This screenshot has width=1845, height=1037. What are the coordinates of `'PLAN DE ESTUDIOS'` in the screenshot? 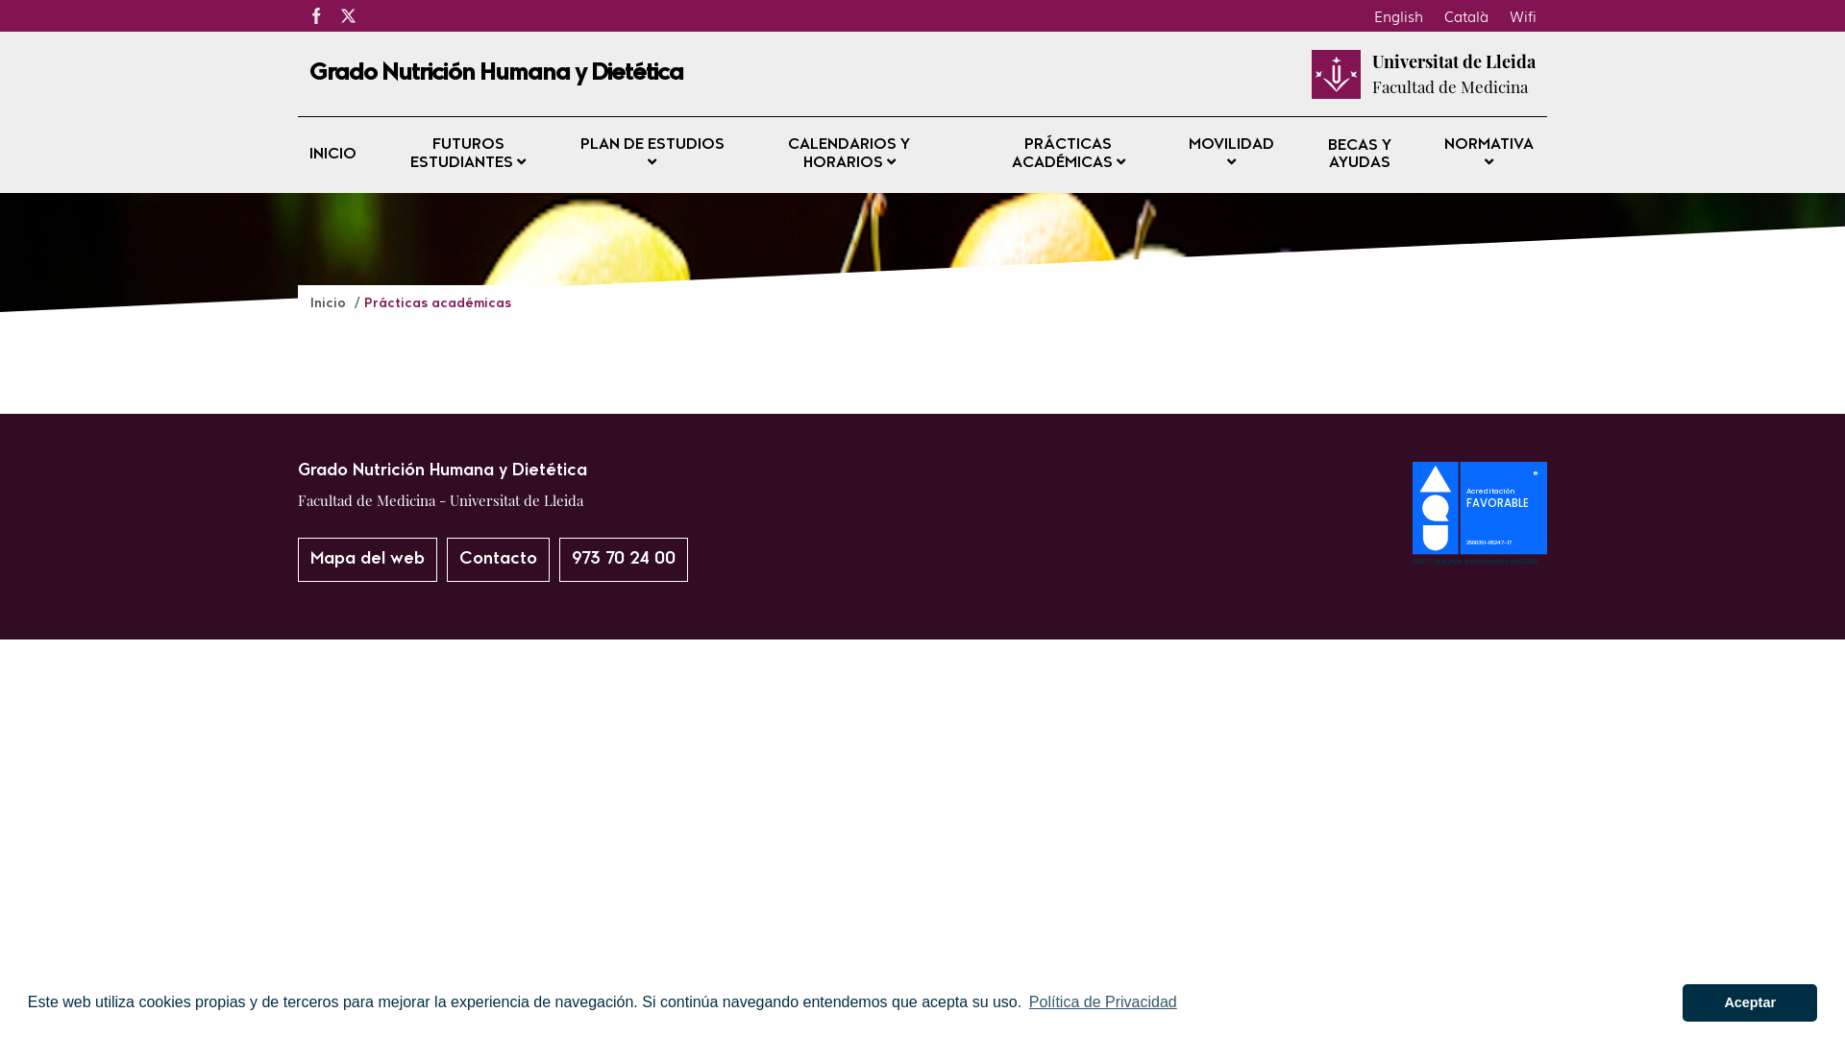 It's located at (567, 154).